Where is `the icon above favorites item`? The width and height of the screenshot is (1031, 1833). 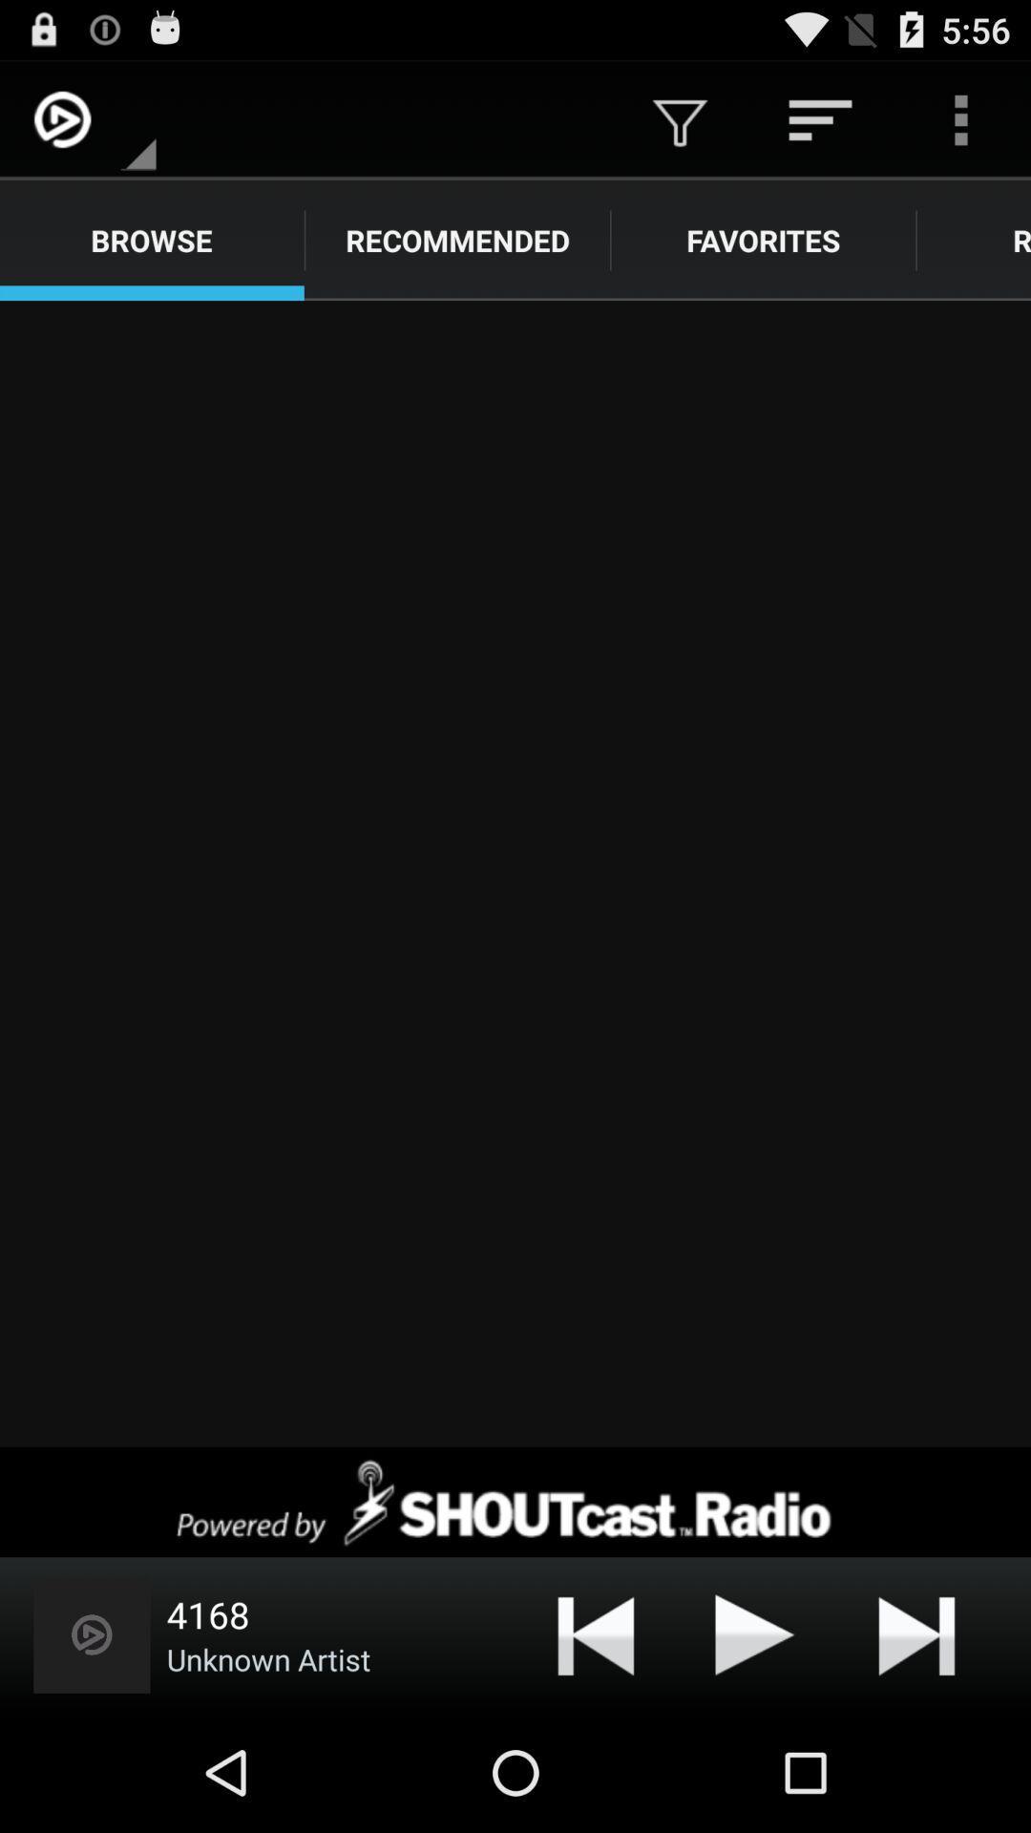 the icon above favorites item is located at coordinates (819, 118).